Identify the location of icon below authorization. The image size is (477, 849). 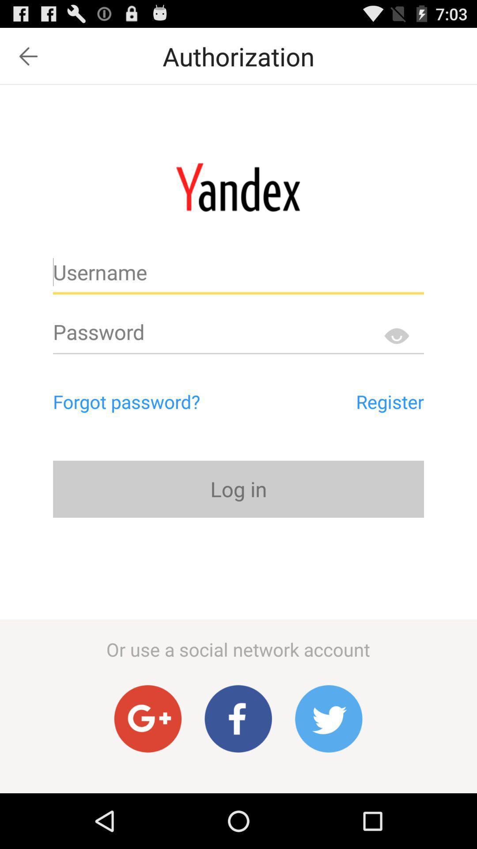
(238, 187).